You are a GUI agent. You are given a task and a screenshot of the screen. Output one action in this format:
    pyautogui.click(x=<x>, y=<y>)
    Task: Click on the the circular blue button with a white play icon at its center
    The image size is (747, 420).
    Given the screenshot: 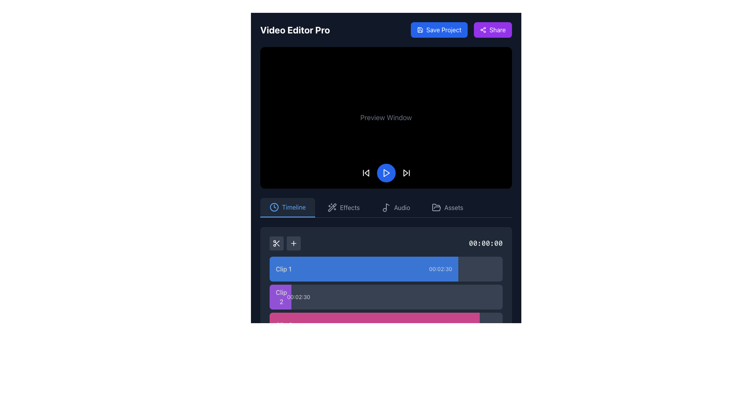 What is the action you would take?
    pyautogui.click(x=386, y=172)
    